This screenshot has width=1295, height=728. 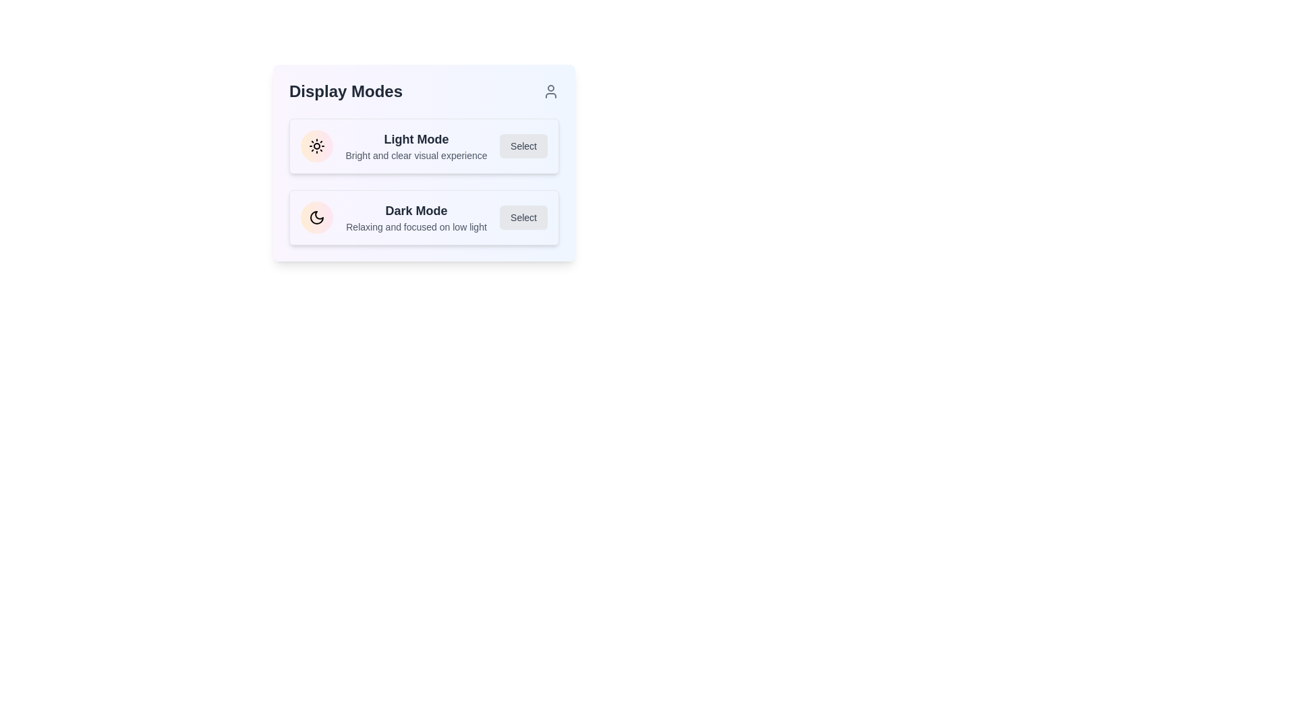 What do you see at coordinates (415, 146) in the screenshot?
I see `the informational text block that introduces the 'Light Mode' option for display settings, located under the 'Display Modes' heading in the first section of the layout` at bounding box center [415, 146].